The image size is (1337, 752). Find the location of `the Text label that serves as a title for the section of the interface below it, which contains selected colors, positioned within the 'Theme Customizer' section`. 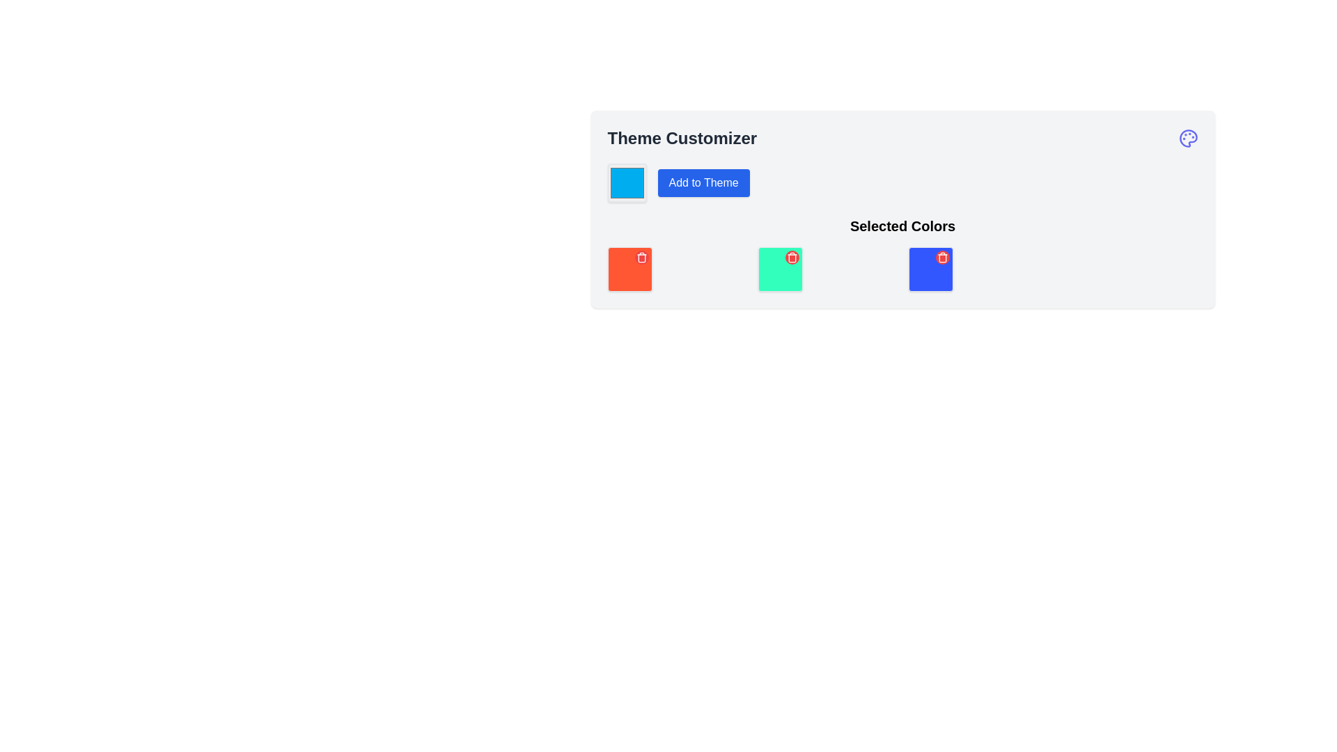

the Text label that serves as a title for the section of the interface below it, which contains selected colors, positioned within the 'Theme Customizer' section is located at coordinates (902, 254).